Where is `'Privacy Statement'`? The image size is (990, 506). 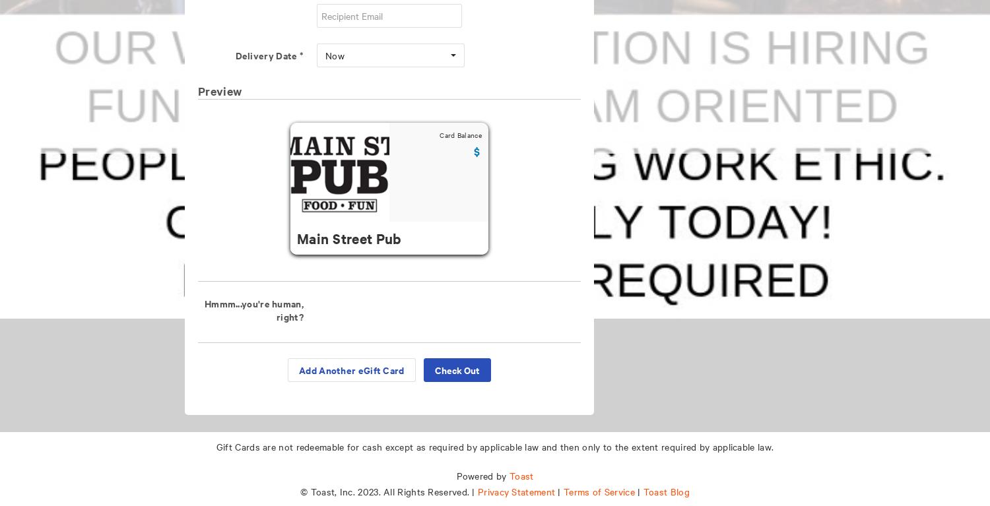 'Privacy Statement' is located at coordinates (477, 491).